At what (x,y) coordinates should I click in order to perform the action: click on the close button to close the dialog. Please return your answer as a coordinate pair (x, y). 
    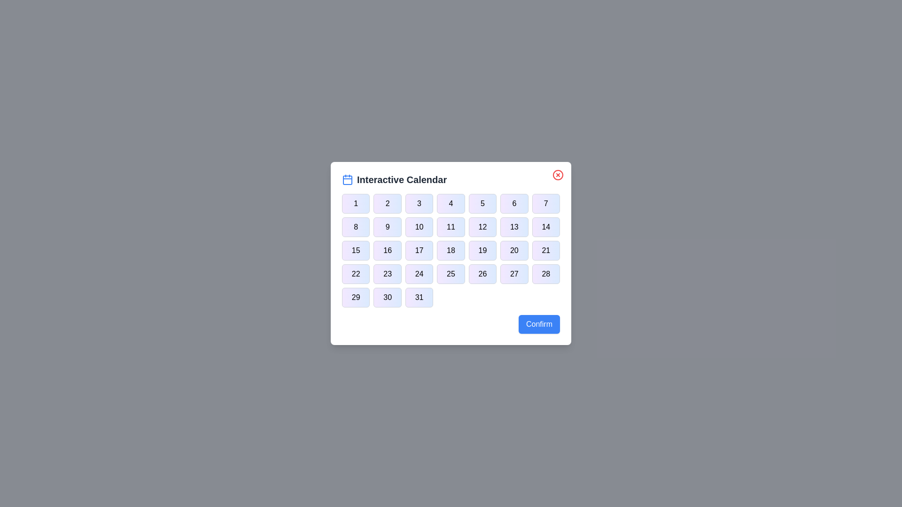
    Looking at the image, I should click on (558, 175).